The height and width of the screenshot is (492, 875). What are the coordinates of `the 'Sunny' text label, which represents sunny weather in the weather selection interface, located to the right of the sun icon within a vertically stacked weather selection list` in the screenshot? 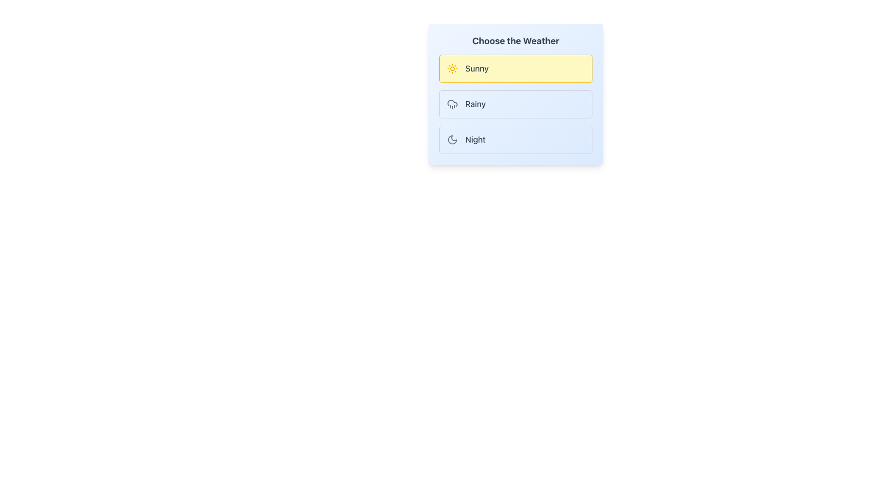 It's located at (476, 68).